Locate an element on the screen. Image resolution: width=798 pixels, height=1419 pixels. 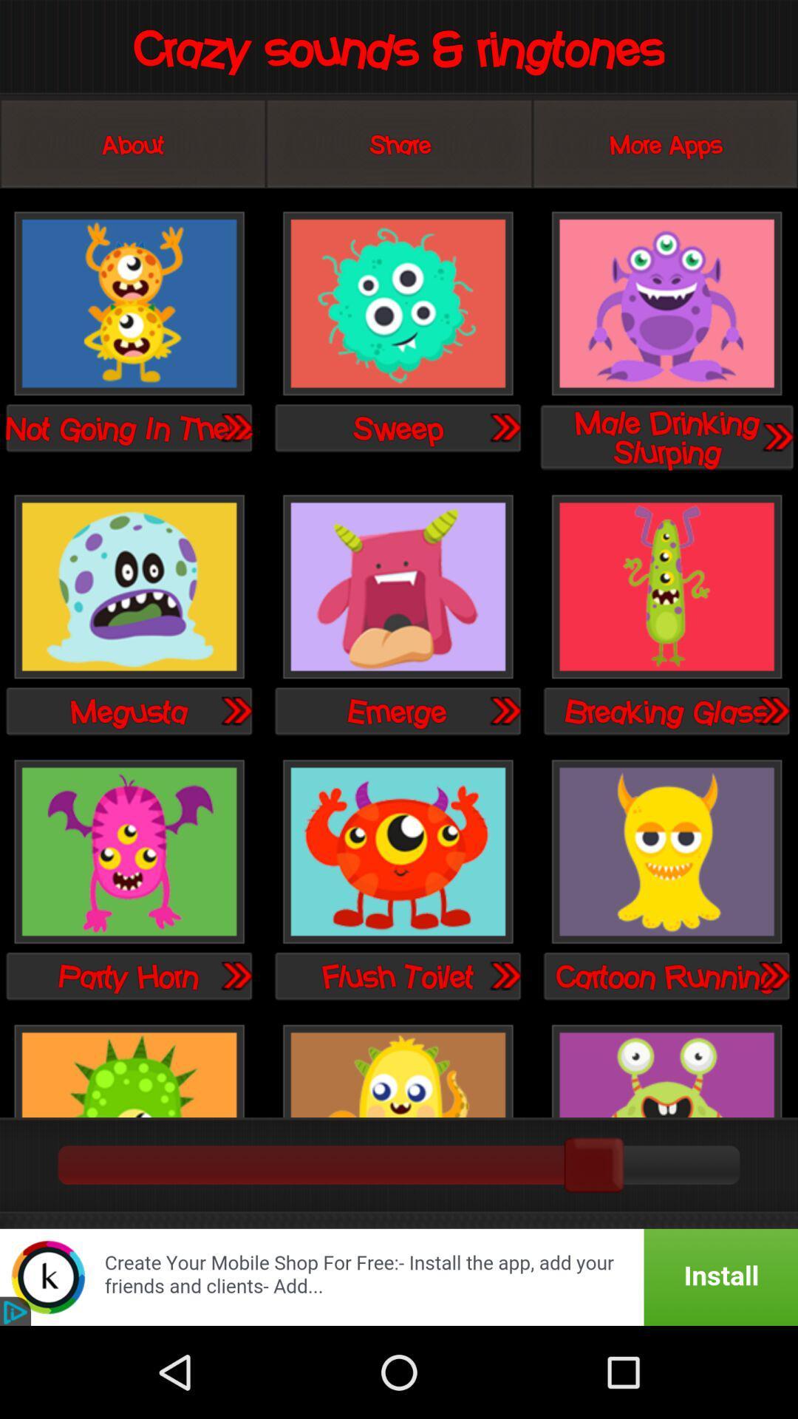
on this button you see another sound option is located at coordinates (235, 976).